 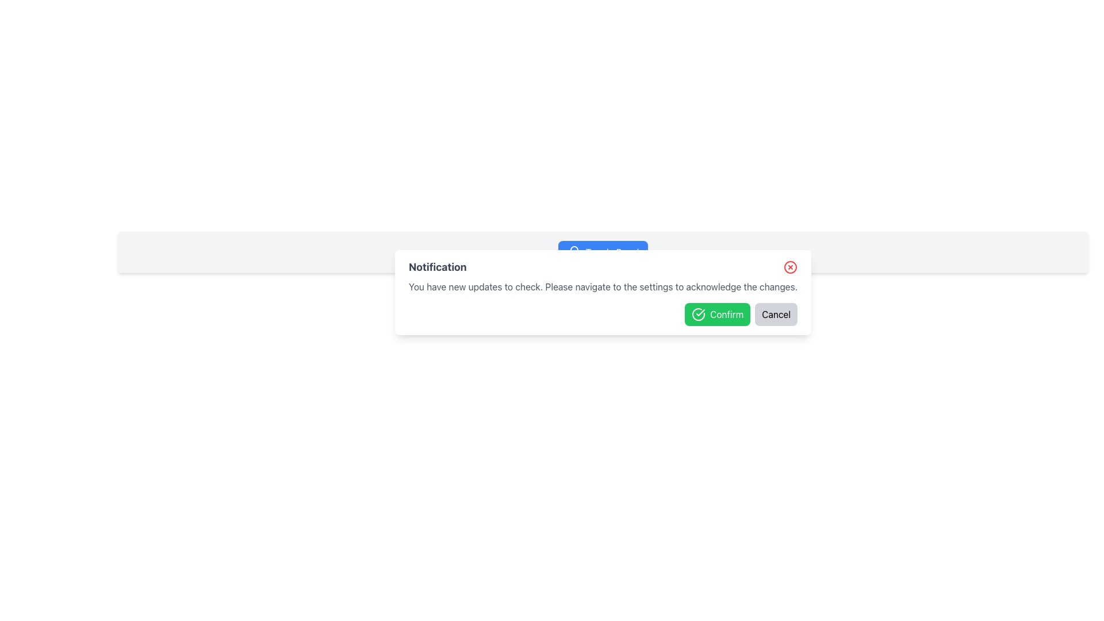 I want to click on the notification icon located to the left of the 'Toggle Panel' text to interact with the notification function, so click(x=574, y=252).